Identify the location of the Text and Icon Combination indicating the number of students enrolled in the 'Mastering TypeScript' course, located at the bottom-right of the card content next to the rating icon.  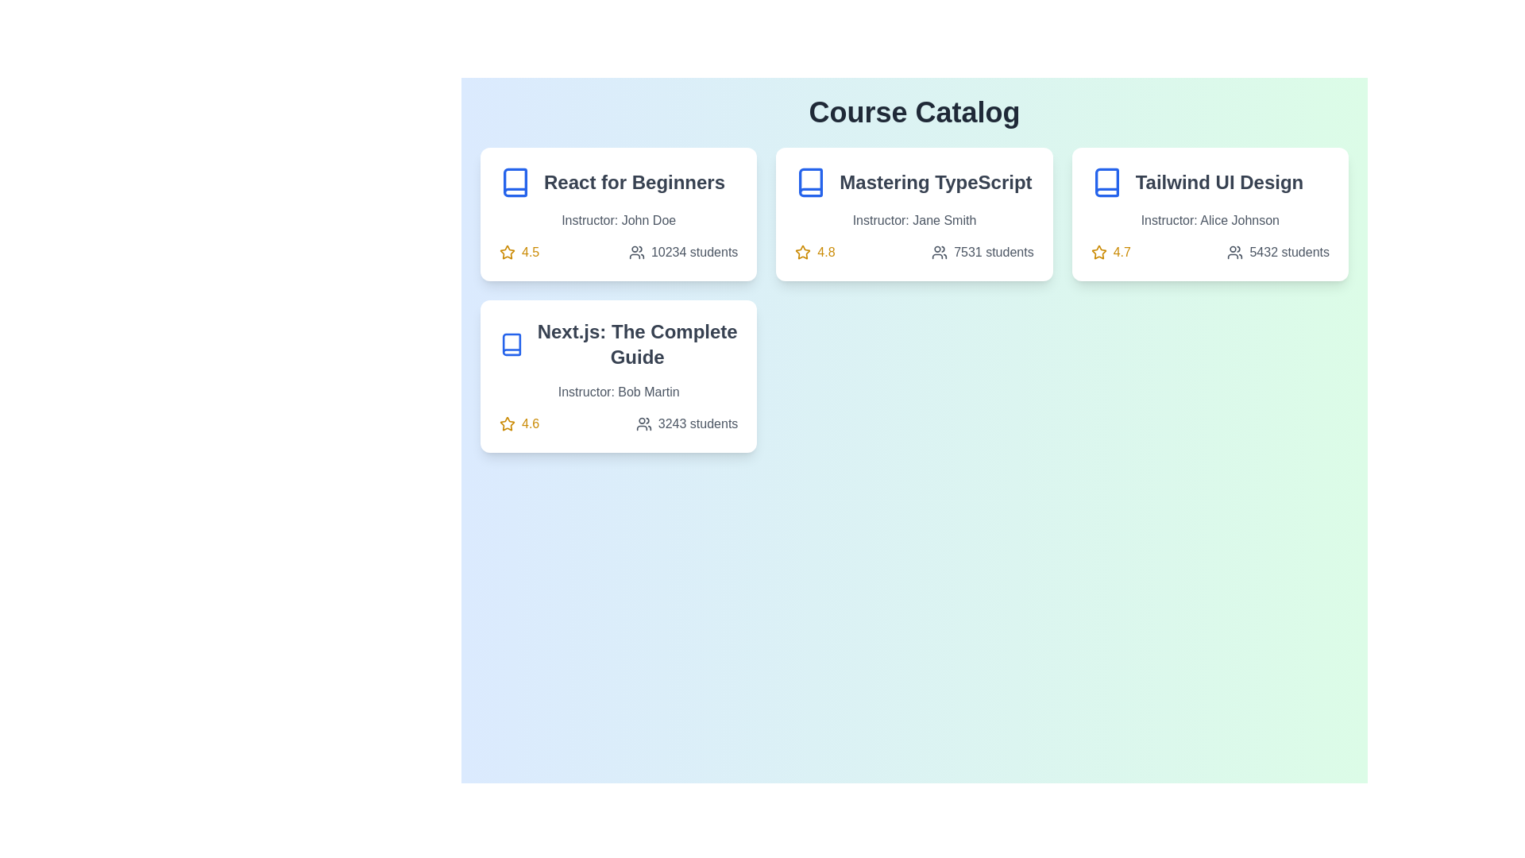
(982, 251).